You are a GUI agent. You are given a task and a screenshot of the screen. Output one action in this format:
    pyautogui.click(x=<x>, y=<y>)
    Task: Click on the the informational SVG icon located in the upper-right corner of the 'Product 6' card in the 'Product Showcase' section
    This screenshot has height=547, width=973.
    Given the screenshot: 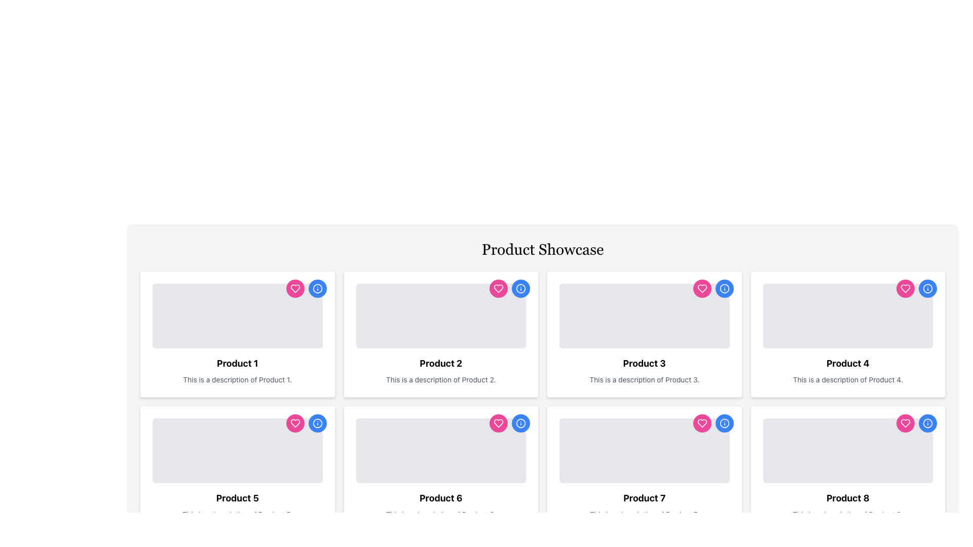 What is the action you would take?
    pyautogui.click(x=520, y=423)
    